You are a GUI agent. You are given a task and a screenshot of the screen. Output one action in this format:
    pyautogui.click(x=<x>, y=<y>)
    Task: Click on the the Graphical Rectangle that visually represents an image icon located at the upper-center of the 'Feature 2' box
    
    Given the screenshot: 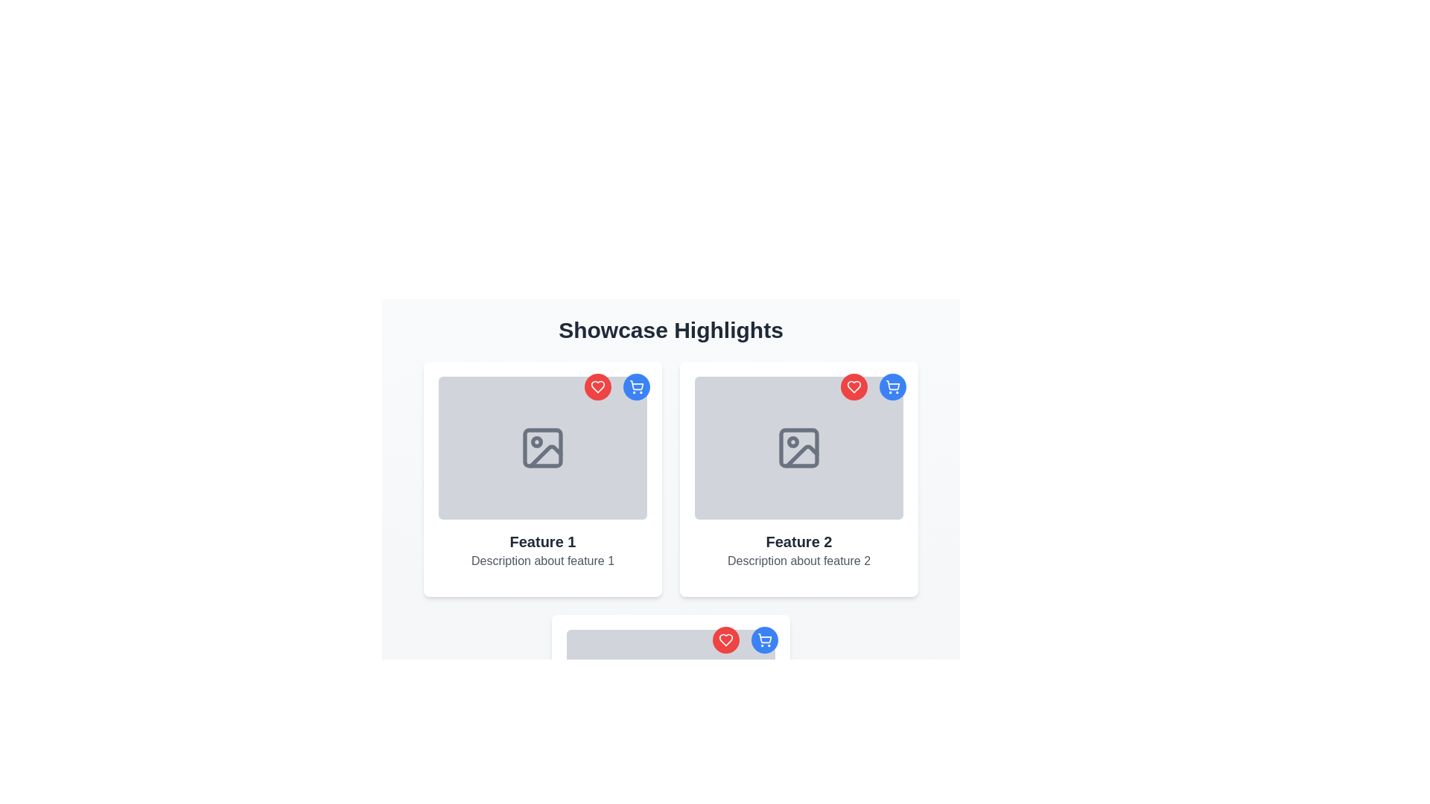 What is the action you would take?
    pyautogui.click(x=798, y=447)
    